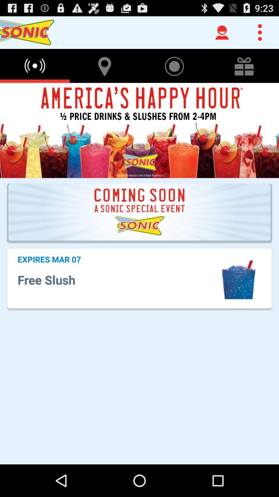 Image resolution: width=279 pixels, height=497 pixels. Describe the element at coordinates (49, 259) in the screenshot. I see `item on the left` at that location.